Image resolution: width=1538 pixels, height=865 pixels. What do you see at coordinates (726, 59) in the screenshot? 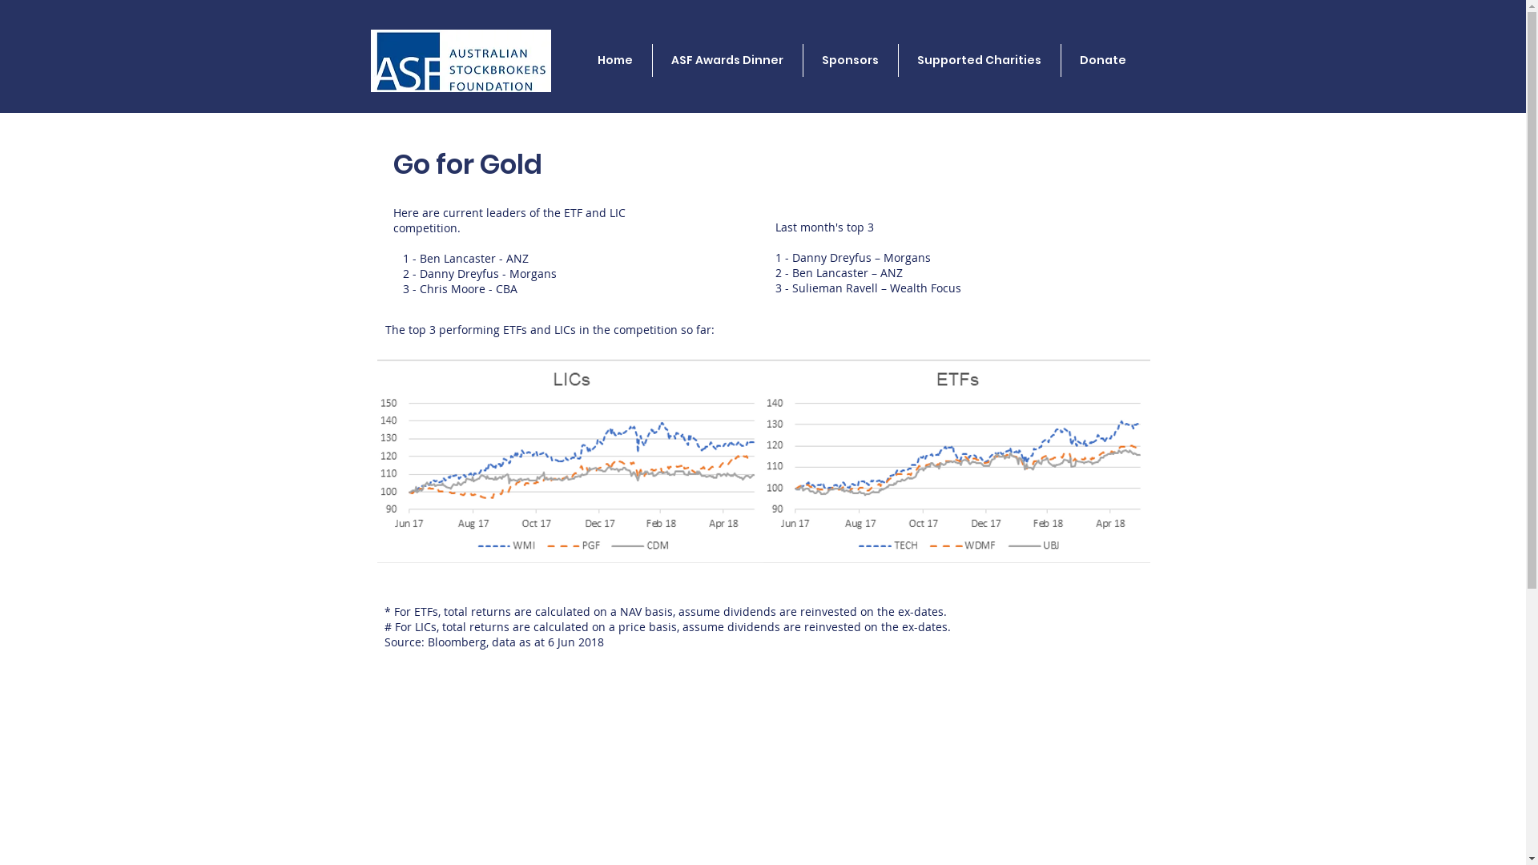
I see `'ASF Awards Dinner'` at bounding box center [726, 59].